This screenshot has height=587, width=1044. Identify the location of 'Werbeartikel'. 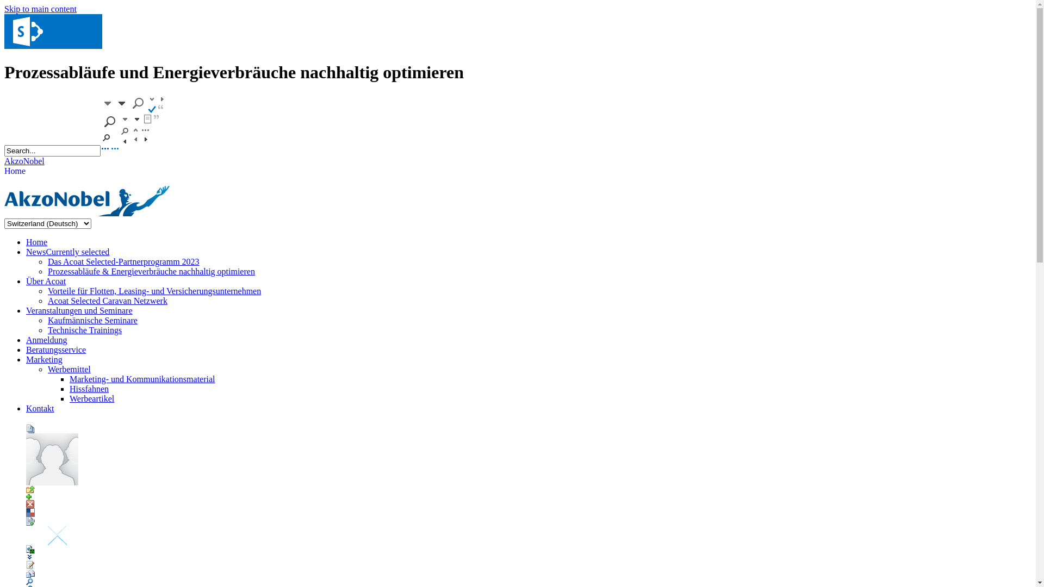
(91, 398).